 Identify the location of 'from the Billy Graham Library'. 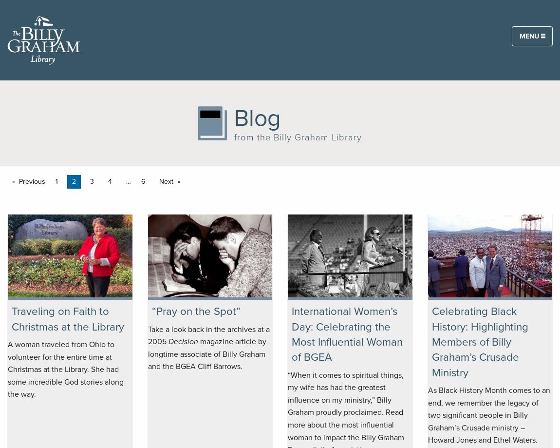
(297, 136).